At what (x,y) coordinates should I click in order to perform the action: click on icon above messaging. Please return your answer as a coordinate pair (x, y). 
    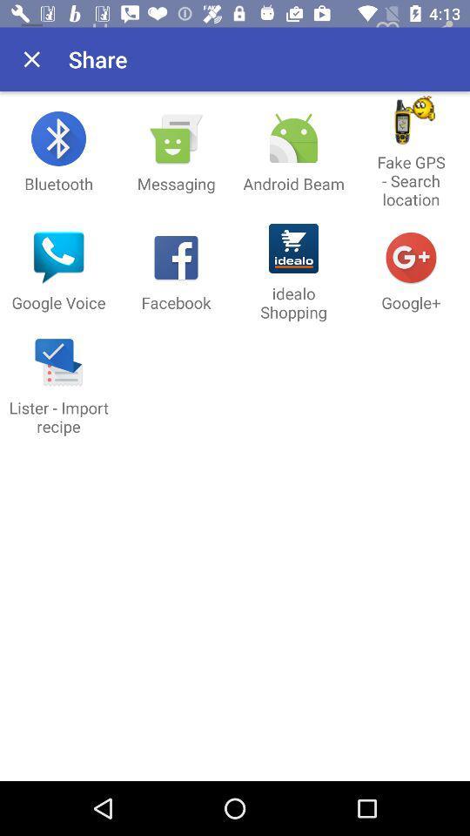
    Looking at the image, I should click on (176, 138).